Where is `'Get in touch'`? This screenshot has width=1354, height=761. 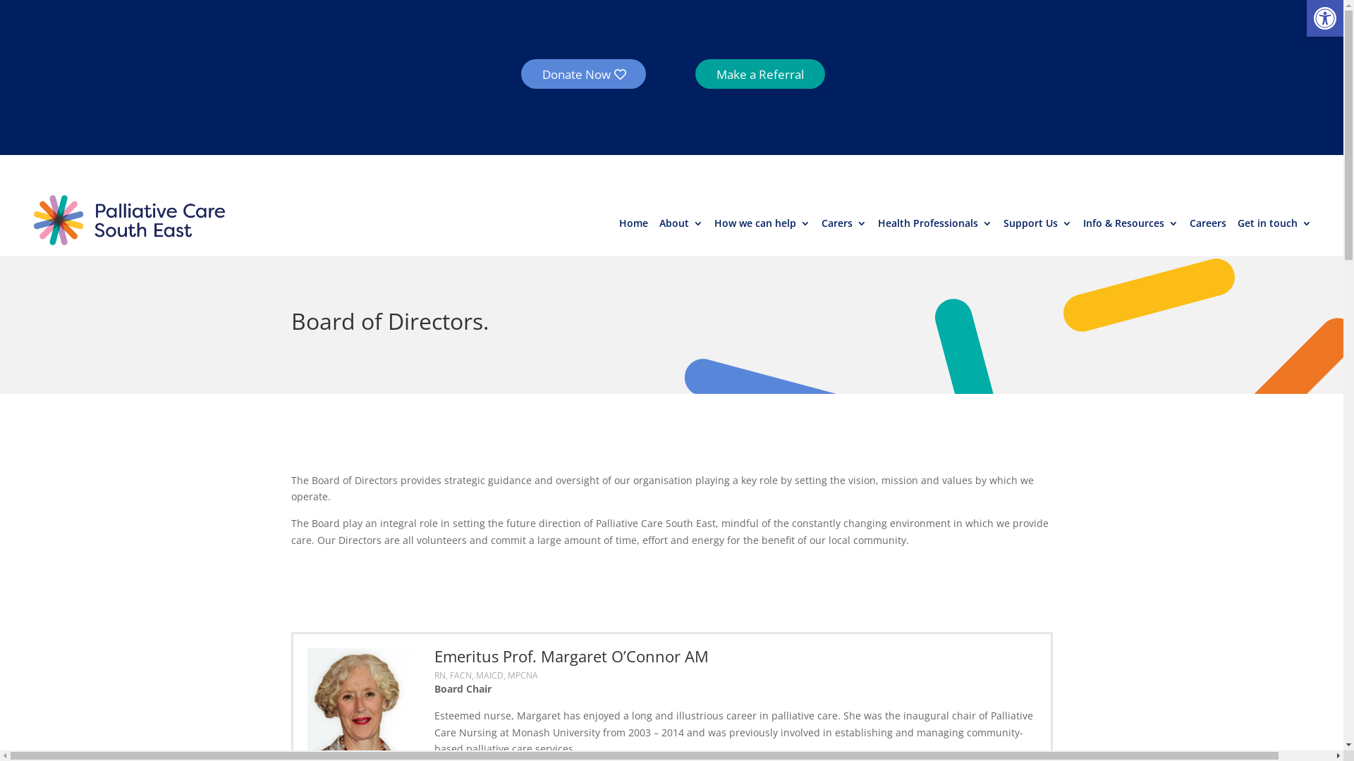
'Get in touch' is located at coordinates (1274, 225).